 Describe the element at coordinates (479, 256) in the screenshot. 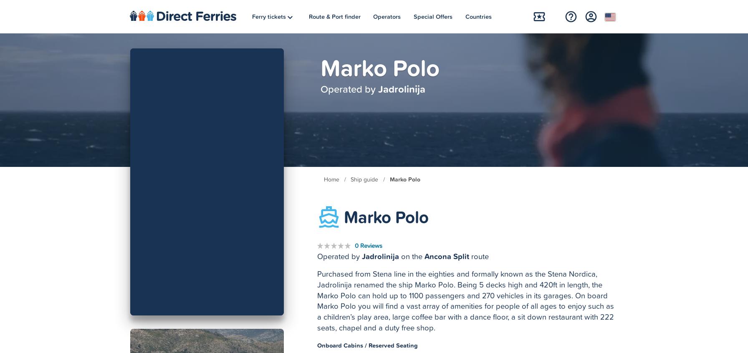

I see `'route'` at that location.